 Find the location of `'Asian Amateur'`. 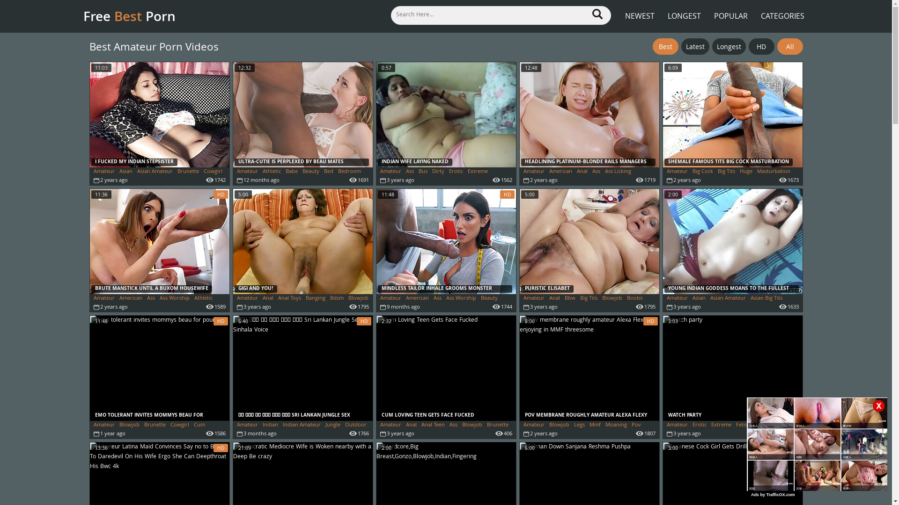

'Asian Amateur' is located at coordinates (155, 172).